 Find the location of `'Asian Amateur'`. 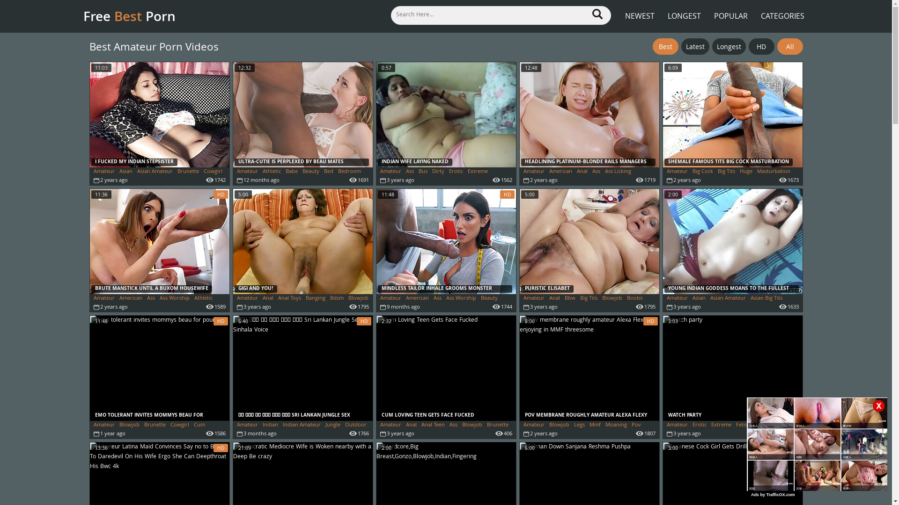

'Asian Amateur' is located at coordinates (155, 172).